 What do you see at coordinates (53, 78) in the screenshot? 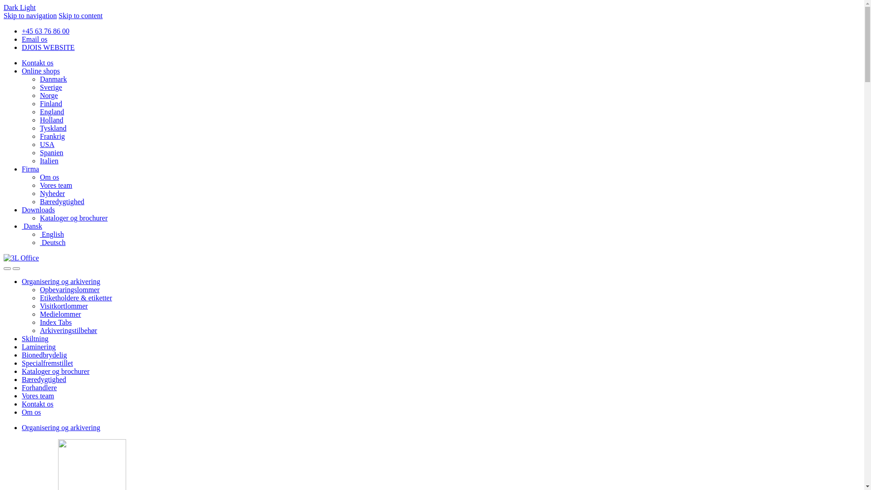
I see `'Danmark'` at bounding box center [53, 78].